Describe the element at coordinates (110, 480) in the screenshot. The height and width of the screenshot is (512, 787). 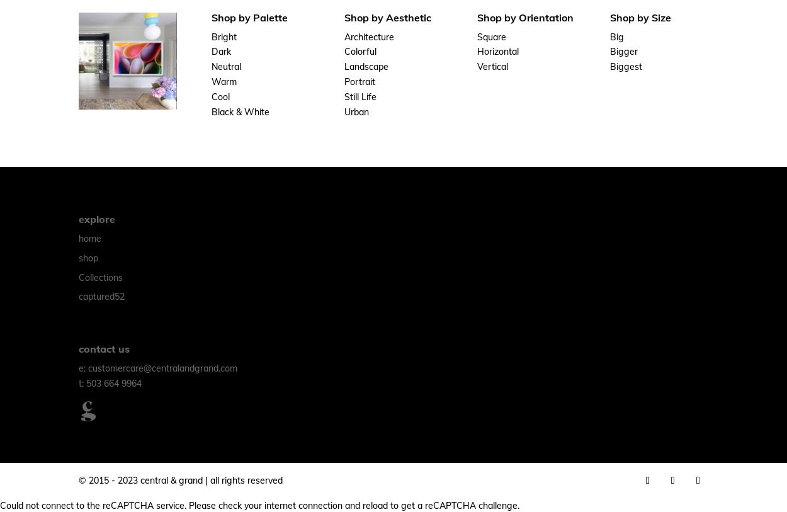
I see `'© 2015 - 2023'` at that location.